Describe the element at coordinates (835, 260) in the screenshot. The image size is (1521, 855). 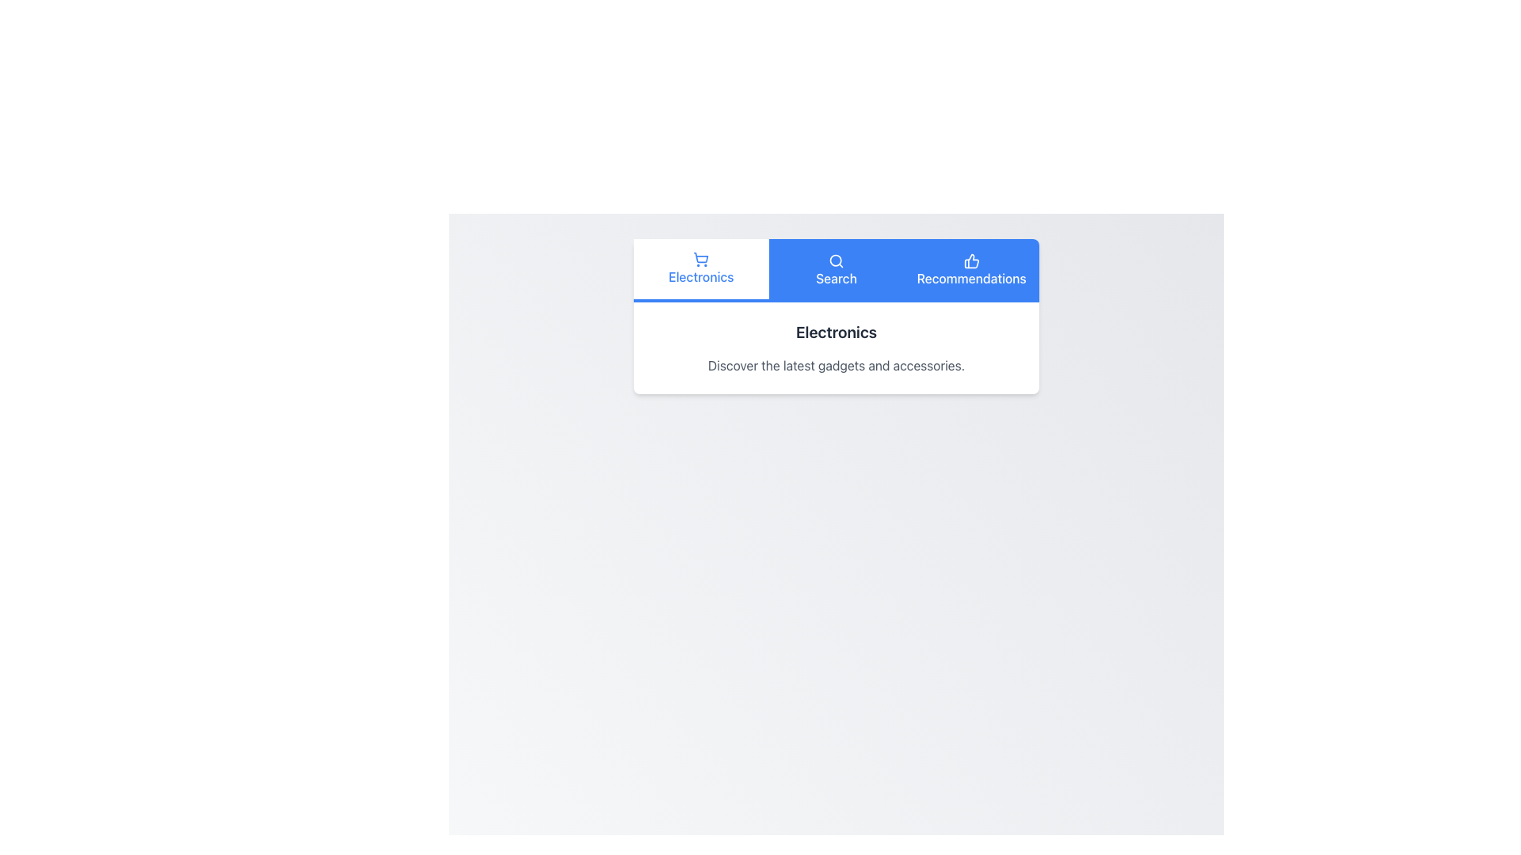
I see `the decorative circular component that is part of the Search button's icon, specifically representing the outer circular frame of the magnifying glass` at that location.